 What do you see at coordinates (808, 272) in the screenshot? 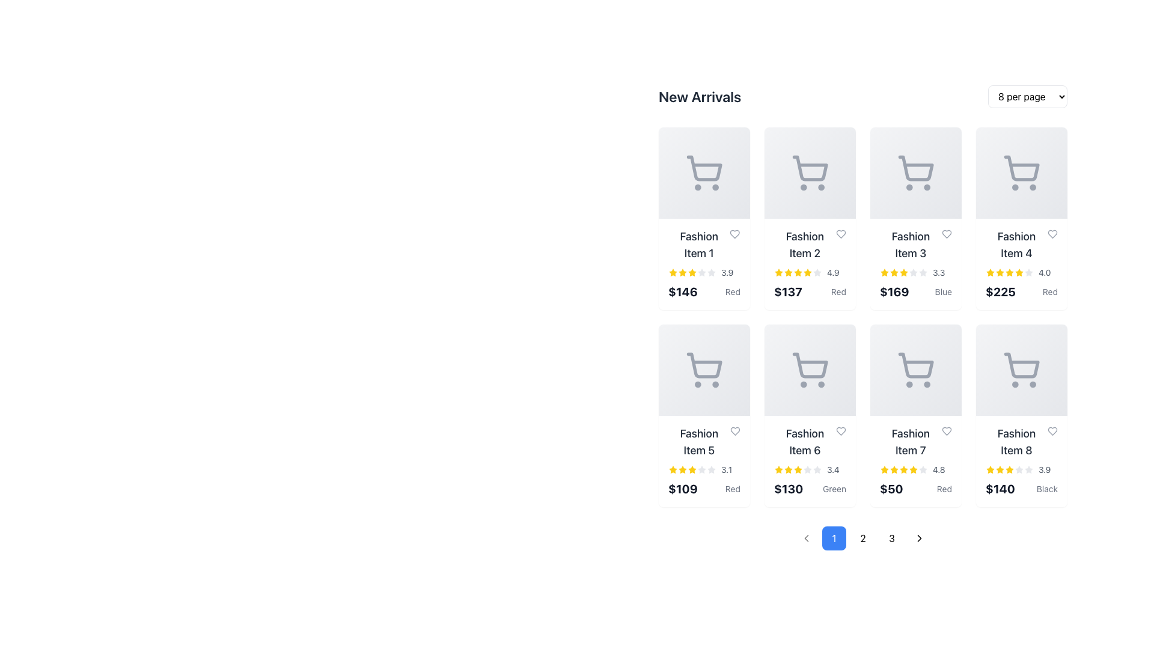
I see `the yellow star icon representing a rating indicator located in the 'Fashion Item 2' card in the second column of the product grid` at bounding box center [808, 272].